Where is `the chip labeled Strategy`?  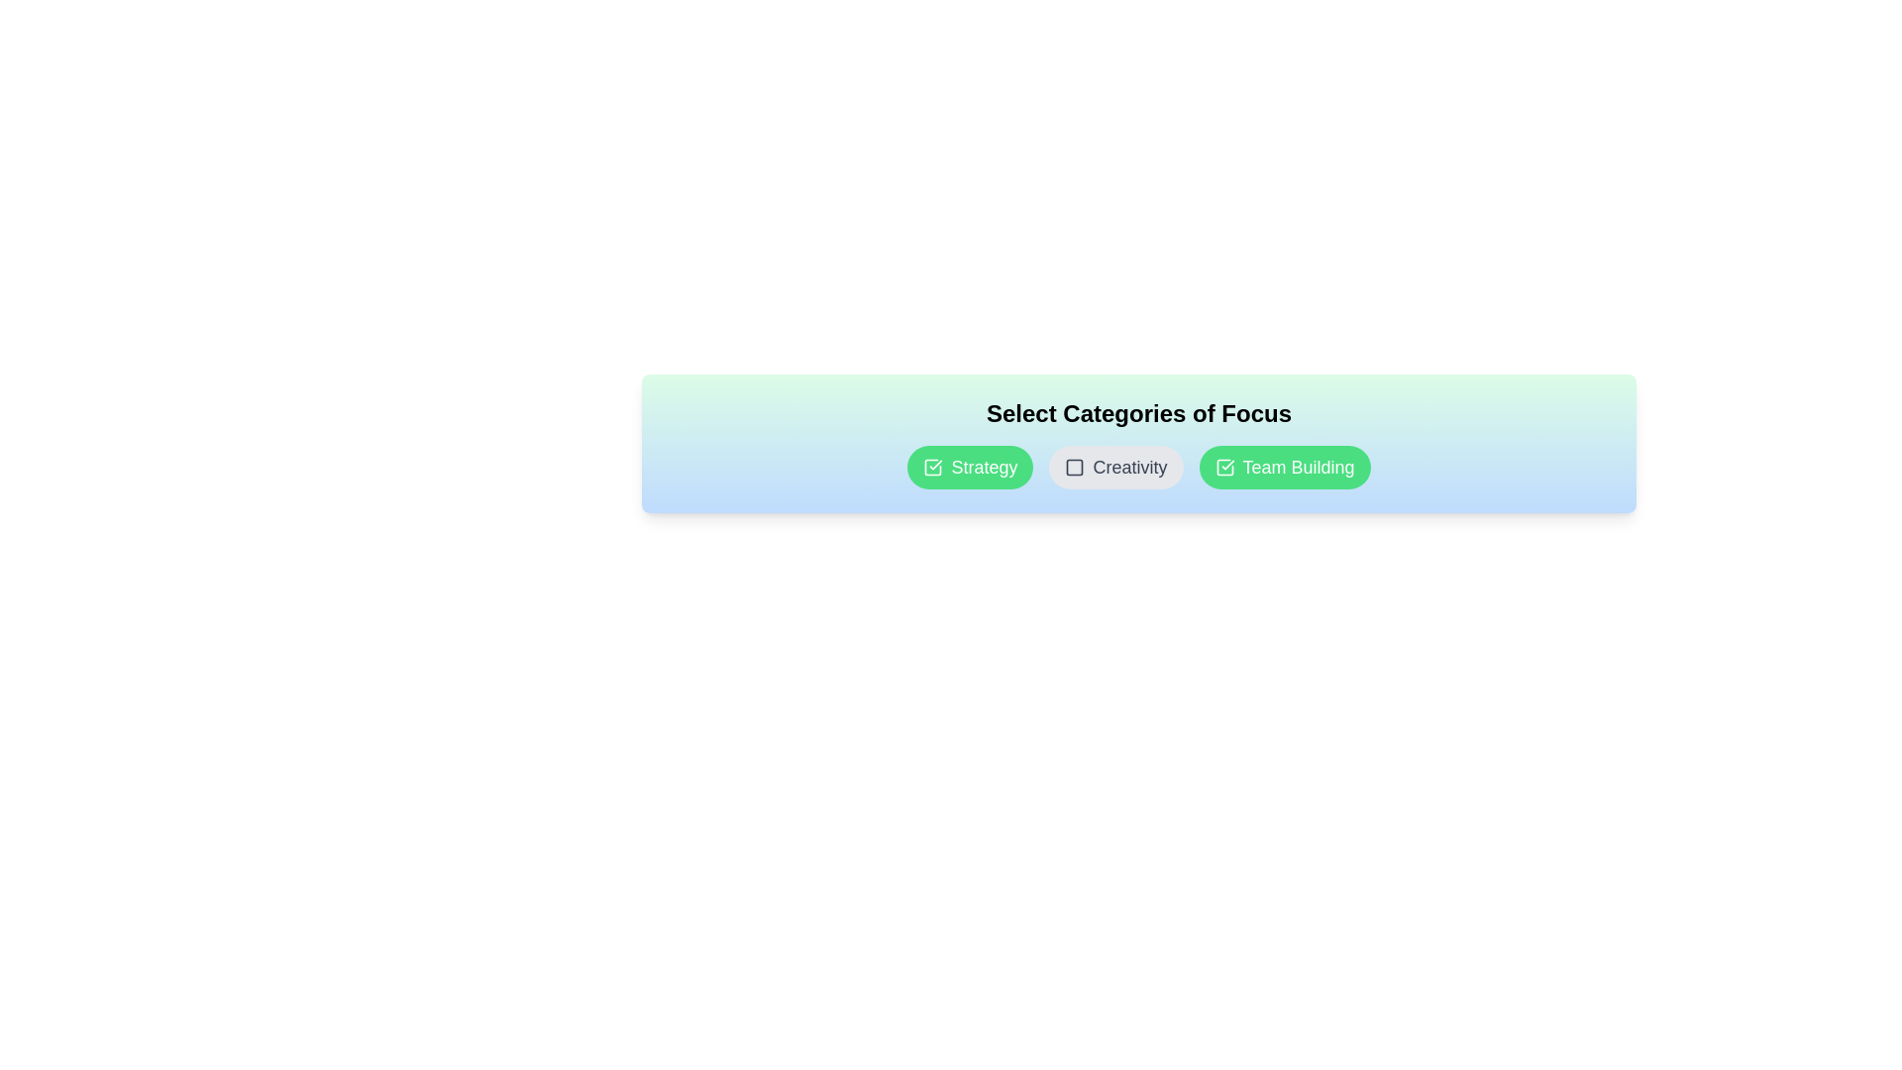
the chip labeled Strategy is located at coordinates (970, 467).